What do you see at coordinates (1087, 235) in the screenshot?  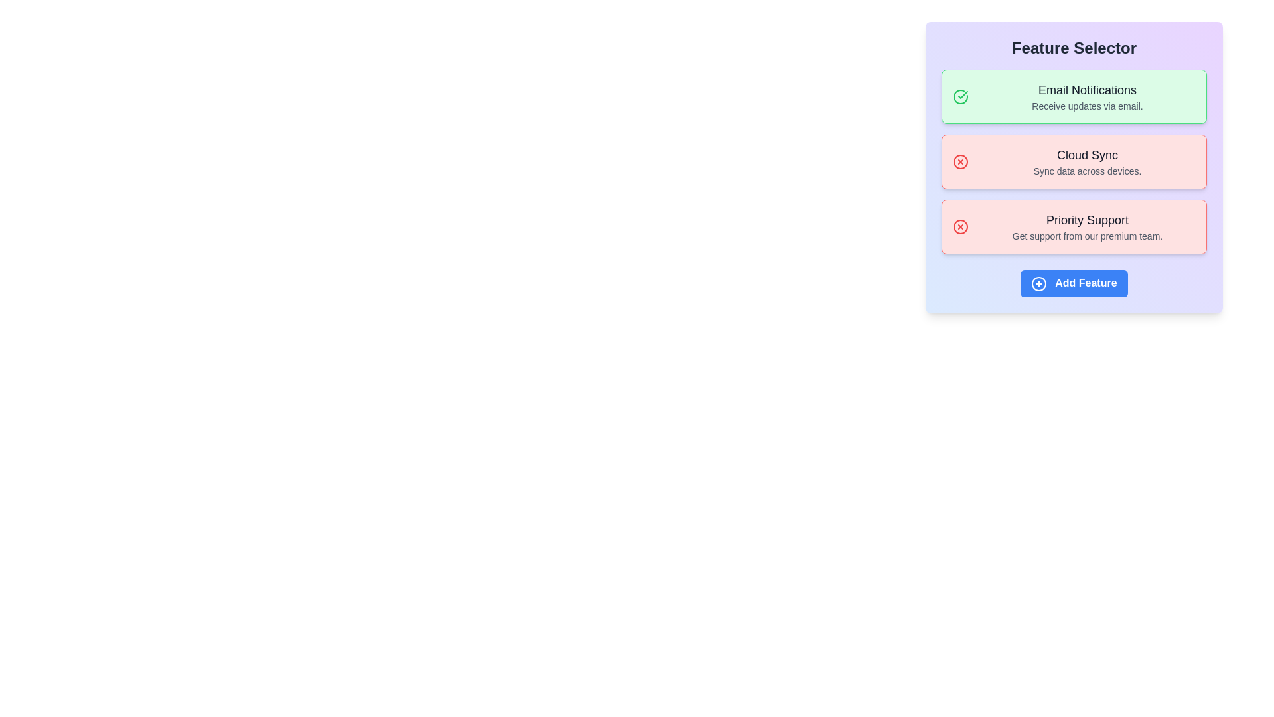 I see `the static text that reads 'Get support from our premium team.' located below the 'Priority Support' heading in the third card of the 'Feature Selector' section` at bounding box center [1087, 235].